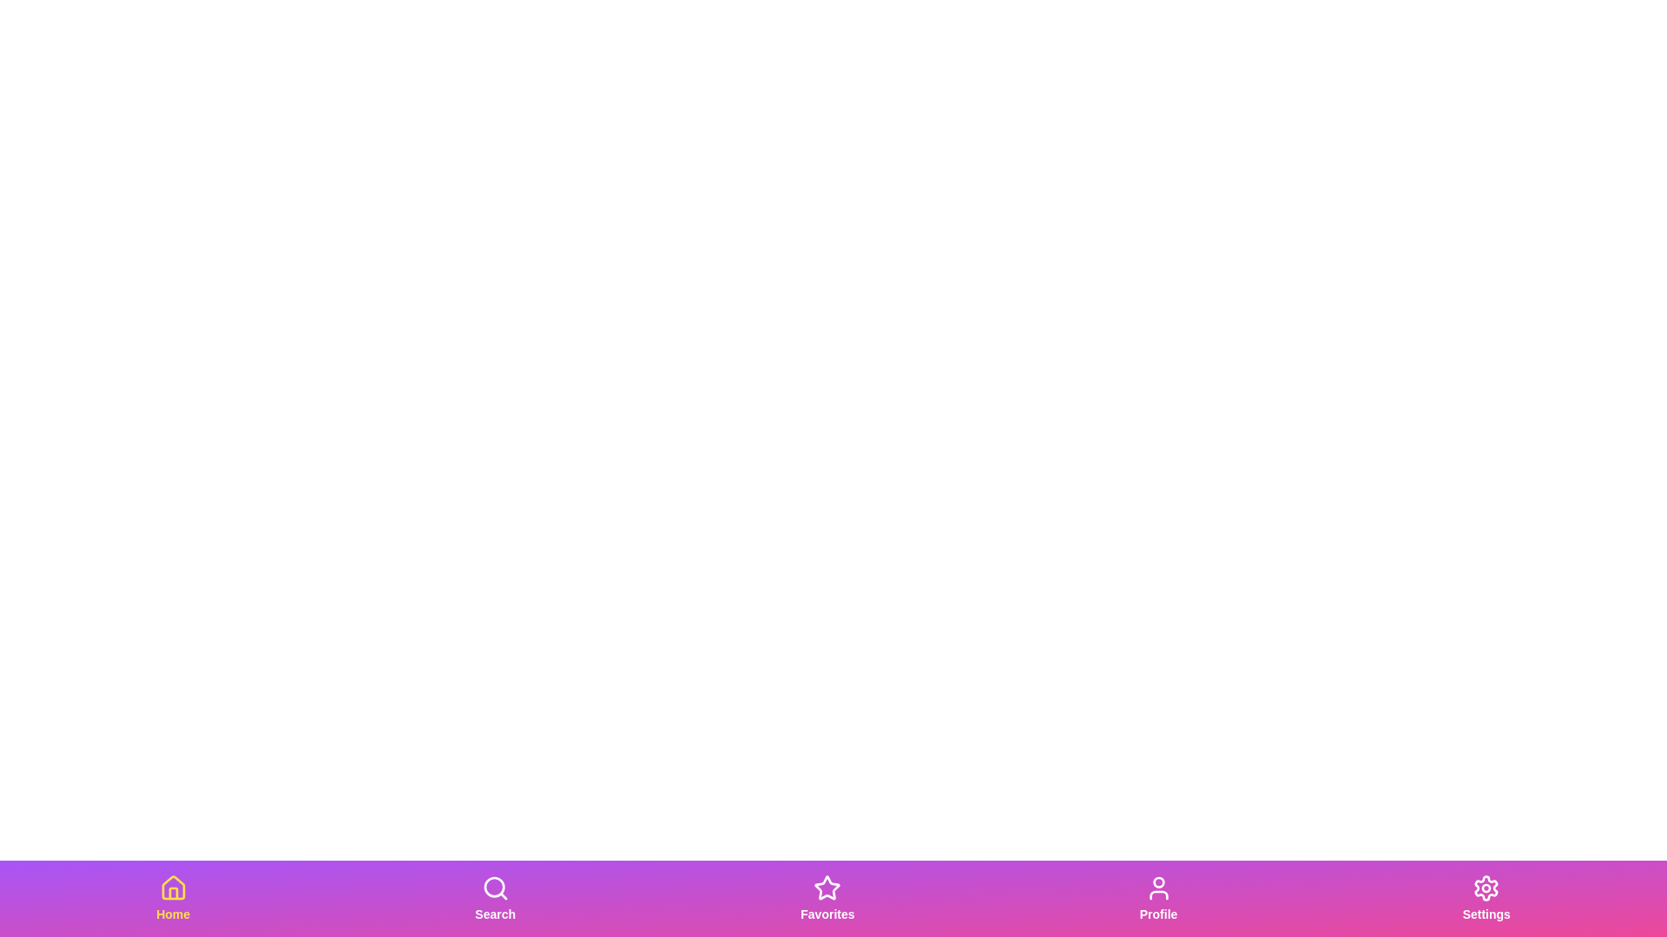 The height and width of the screenshot is (937, 1667). What do you see at coordinates (1158, 898) in the screenshot?
I see `the Profile tab in the bottom navigation bar` at bounding box center [1158, 898].